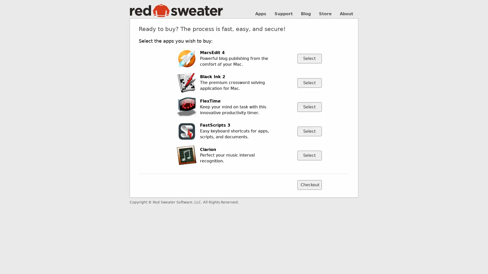  Describe the element at coordinates (309, 82) in the screenshot. I see `Select` at that location.